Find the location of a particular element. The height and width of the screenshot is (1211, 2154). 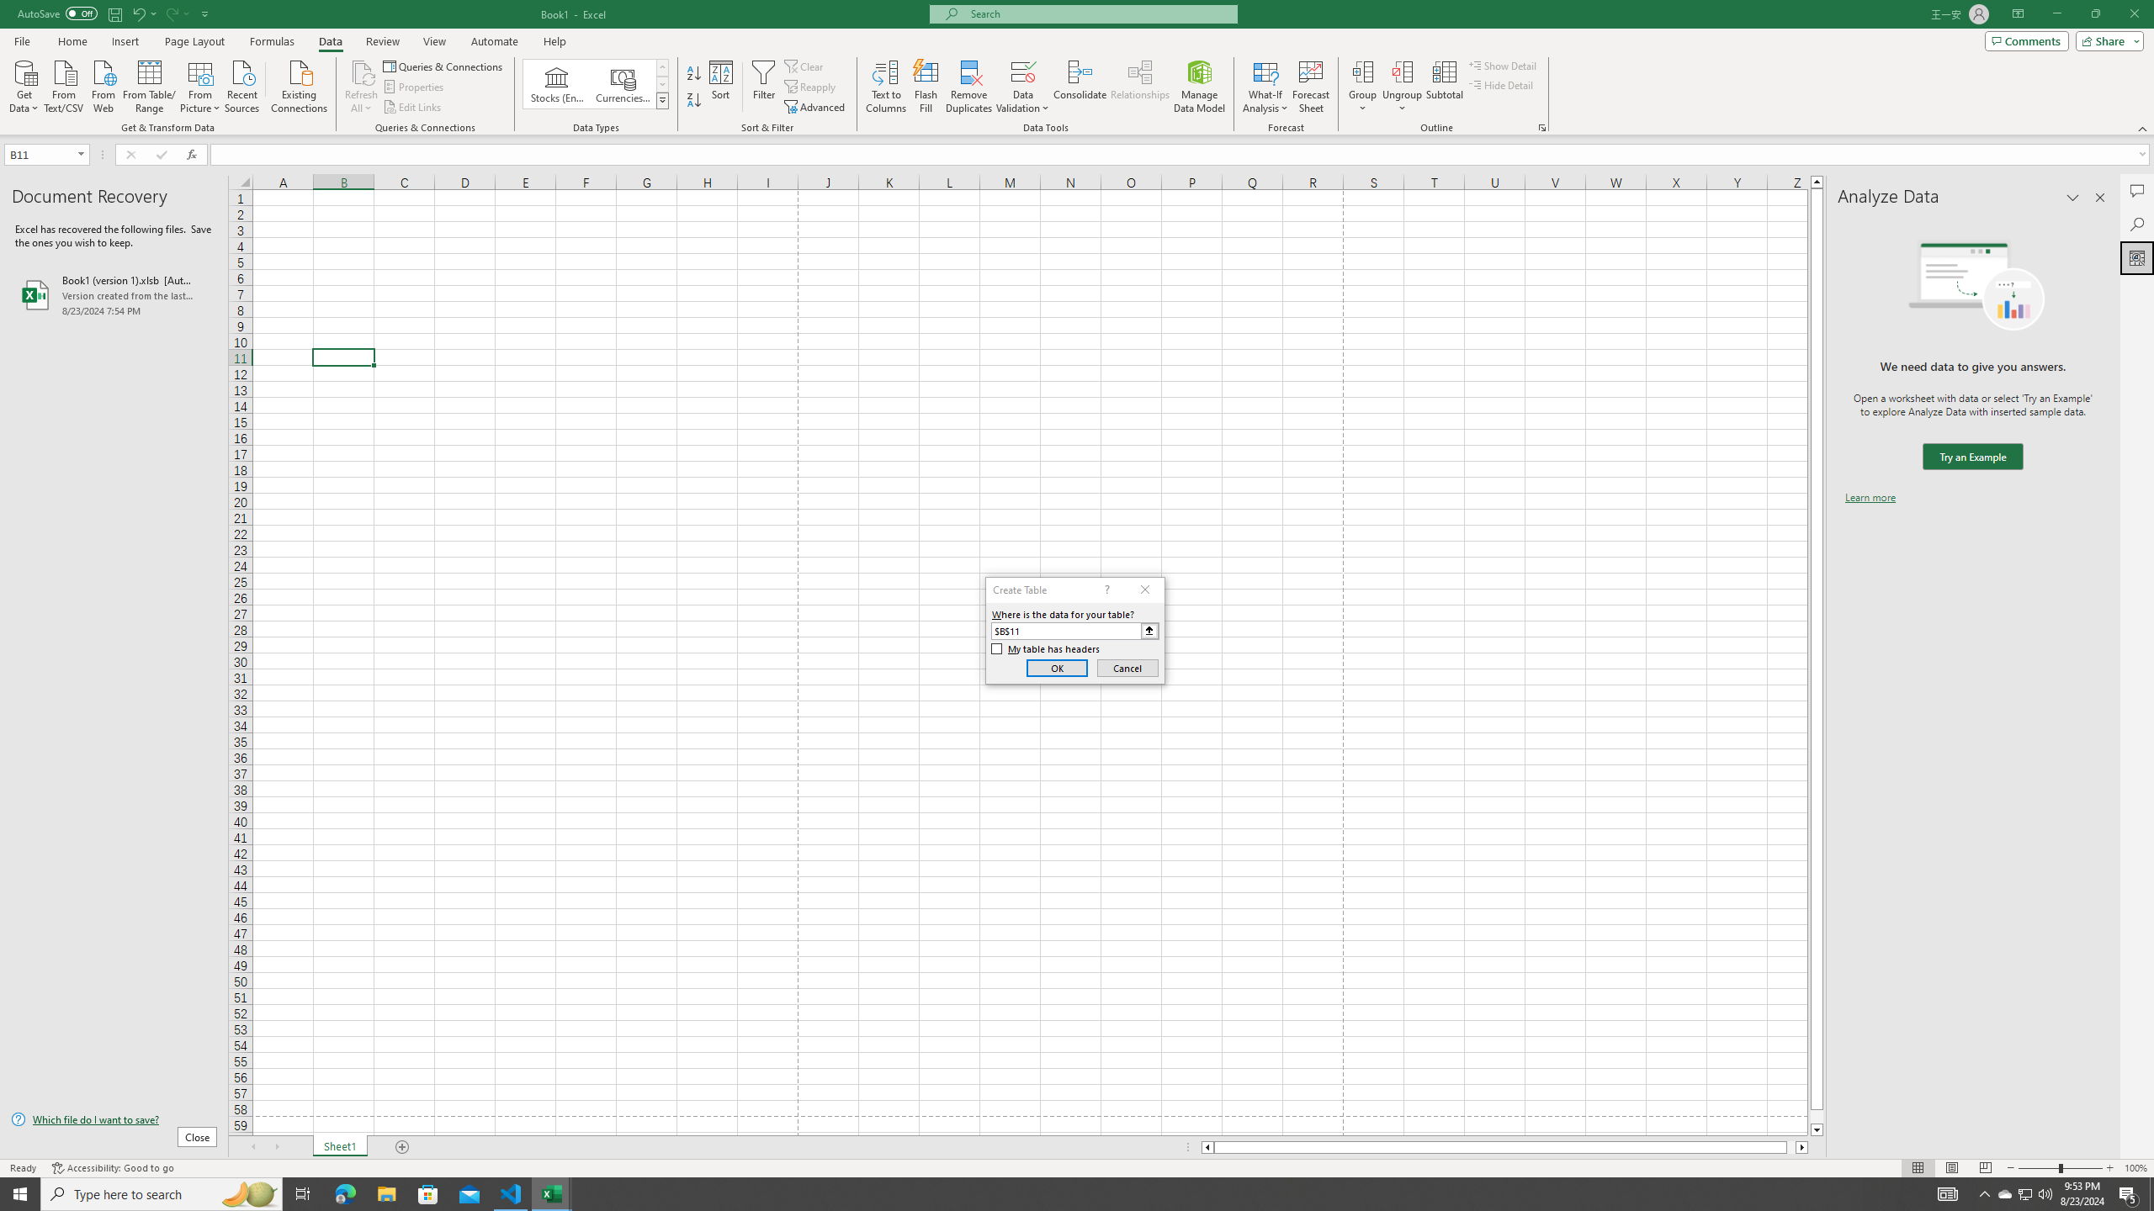

'Book1 (version 1).xlsb  [AutoRecovered]' is located at coordinates (113, 293).